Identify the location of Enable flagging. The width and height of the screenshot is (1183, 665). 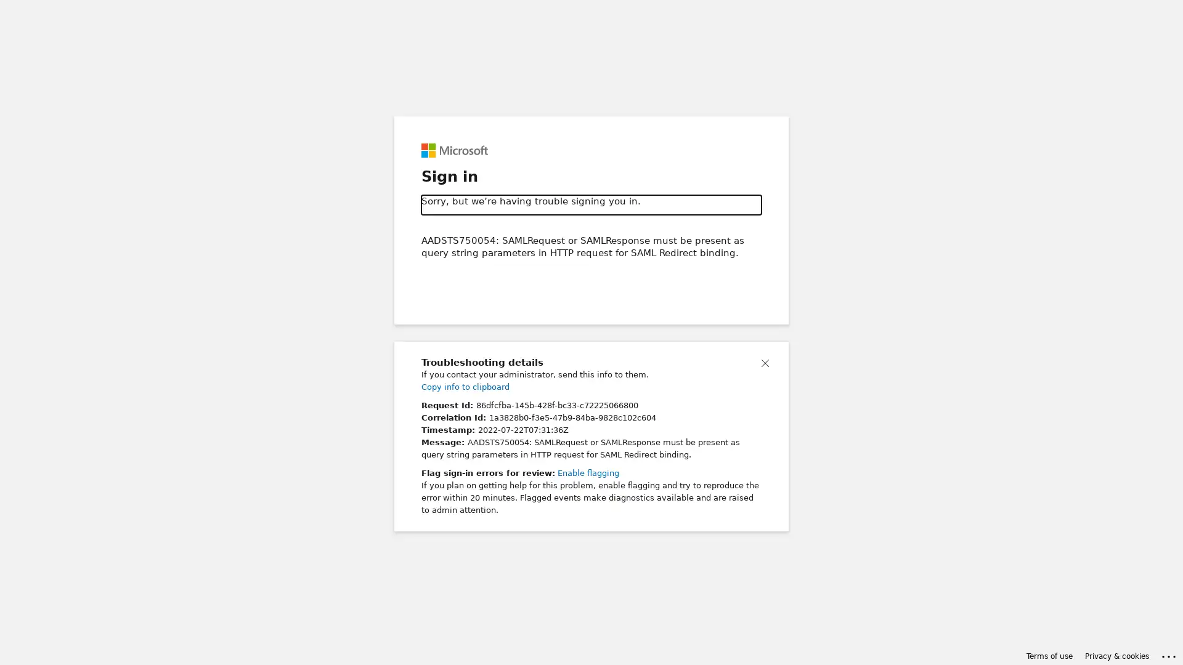
(588, 472).